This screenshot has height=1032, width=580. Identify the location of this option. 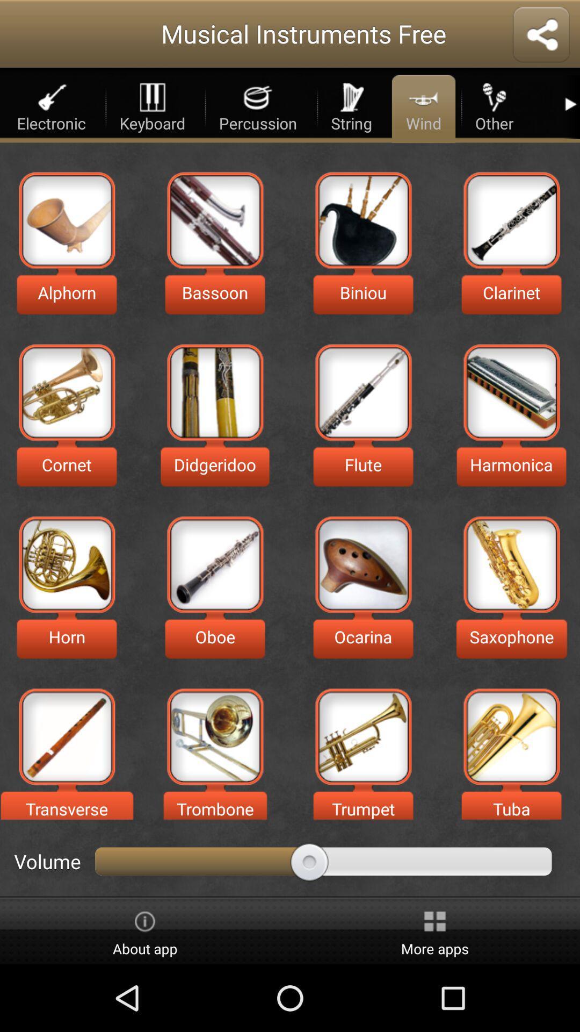
(67, 736).